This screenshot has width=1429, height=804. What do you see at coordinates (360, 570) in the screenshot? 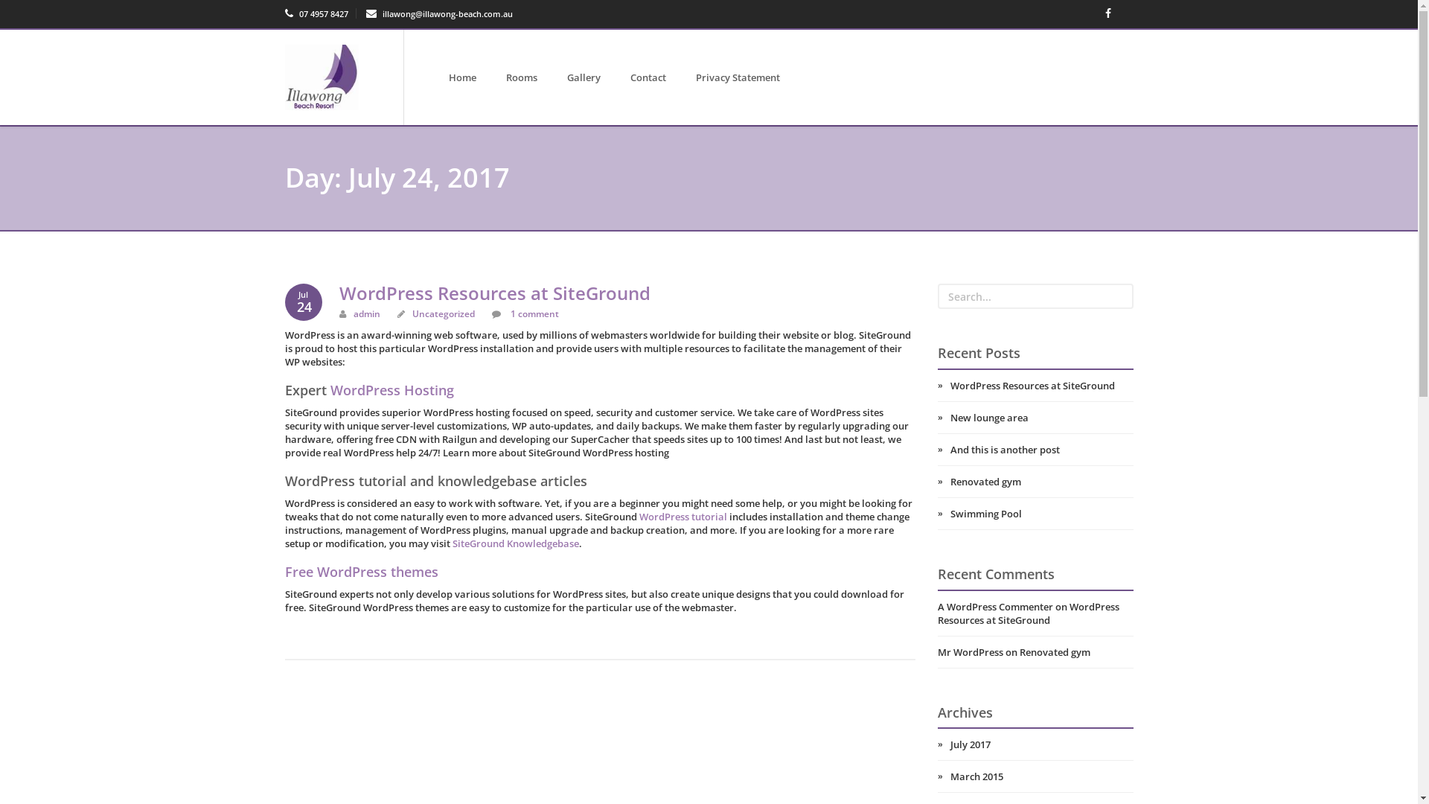
I see `'Free WordPress themes'` at bounding box center [360, 570].